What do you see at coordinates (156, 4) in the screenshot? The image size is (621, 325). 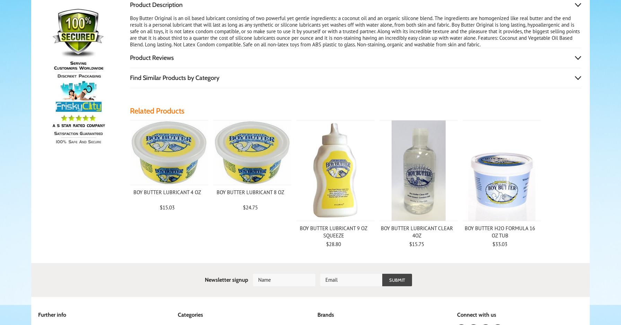 I see `'Product Description'` at bounding box center [156, 4].